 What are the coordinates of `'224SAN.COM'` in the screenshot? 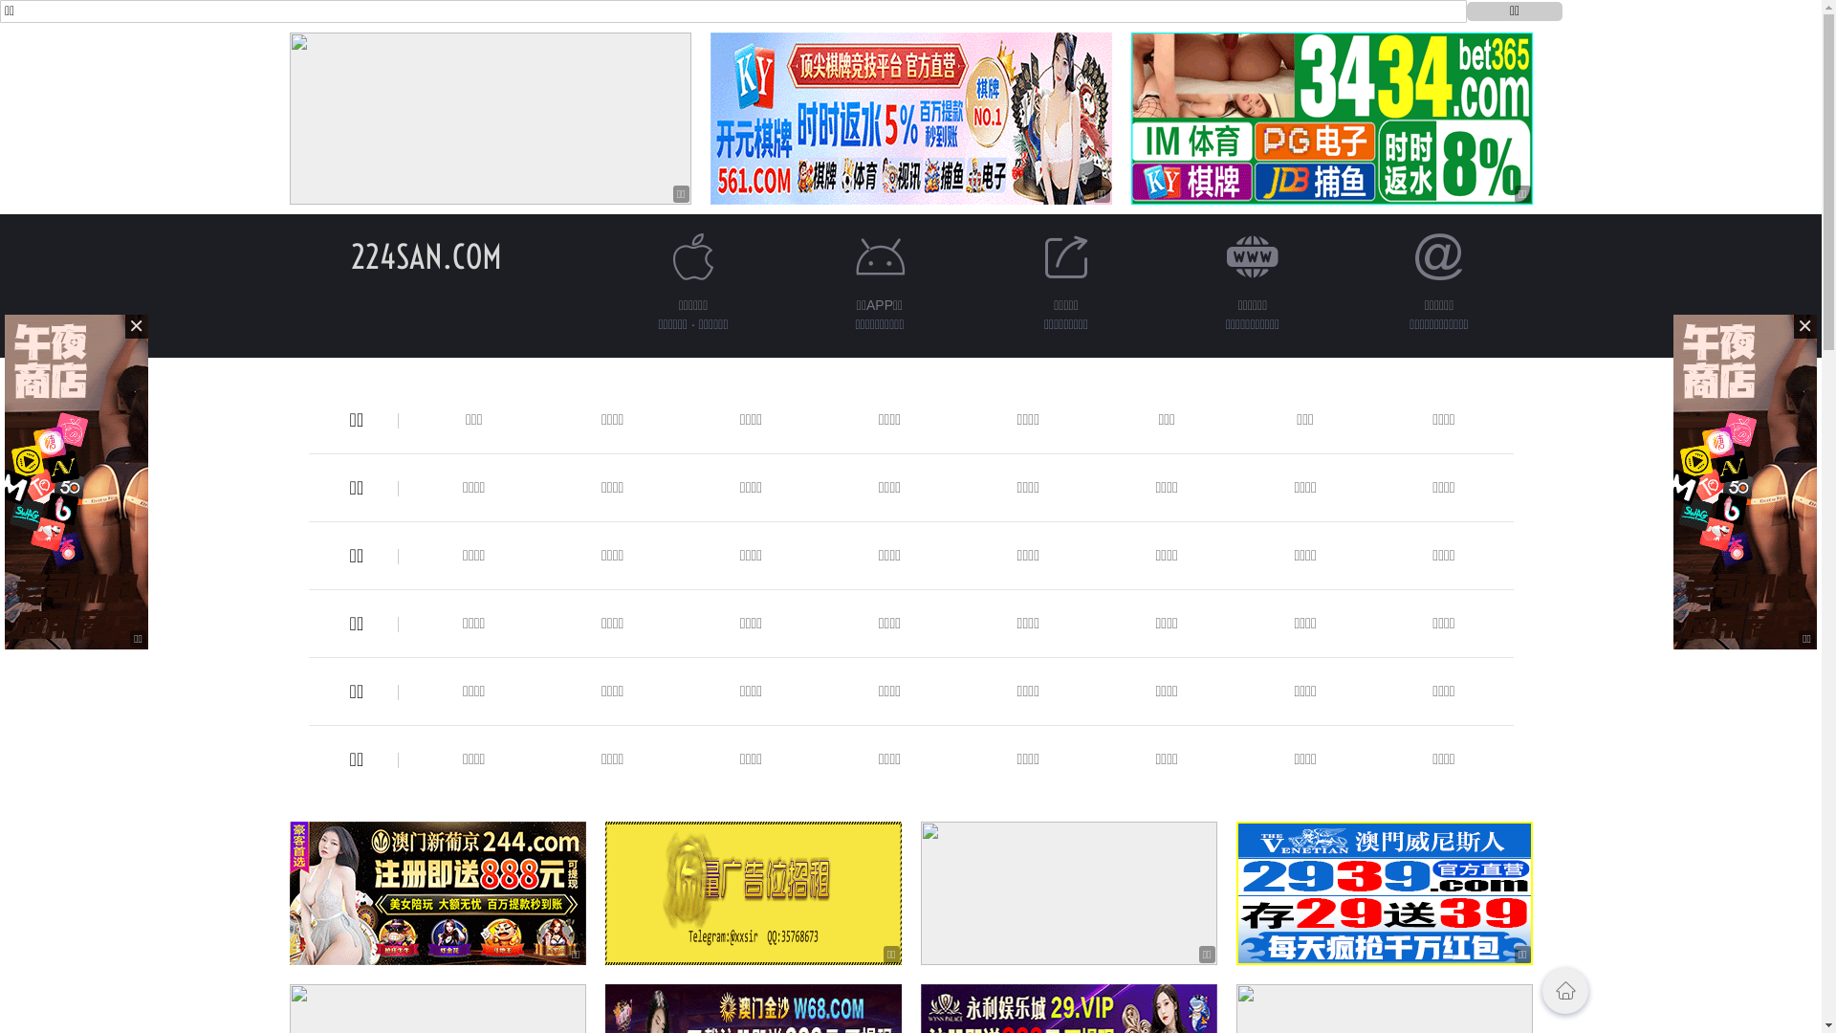 It's located at (425, 255).